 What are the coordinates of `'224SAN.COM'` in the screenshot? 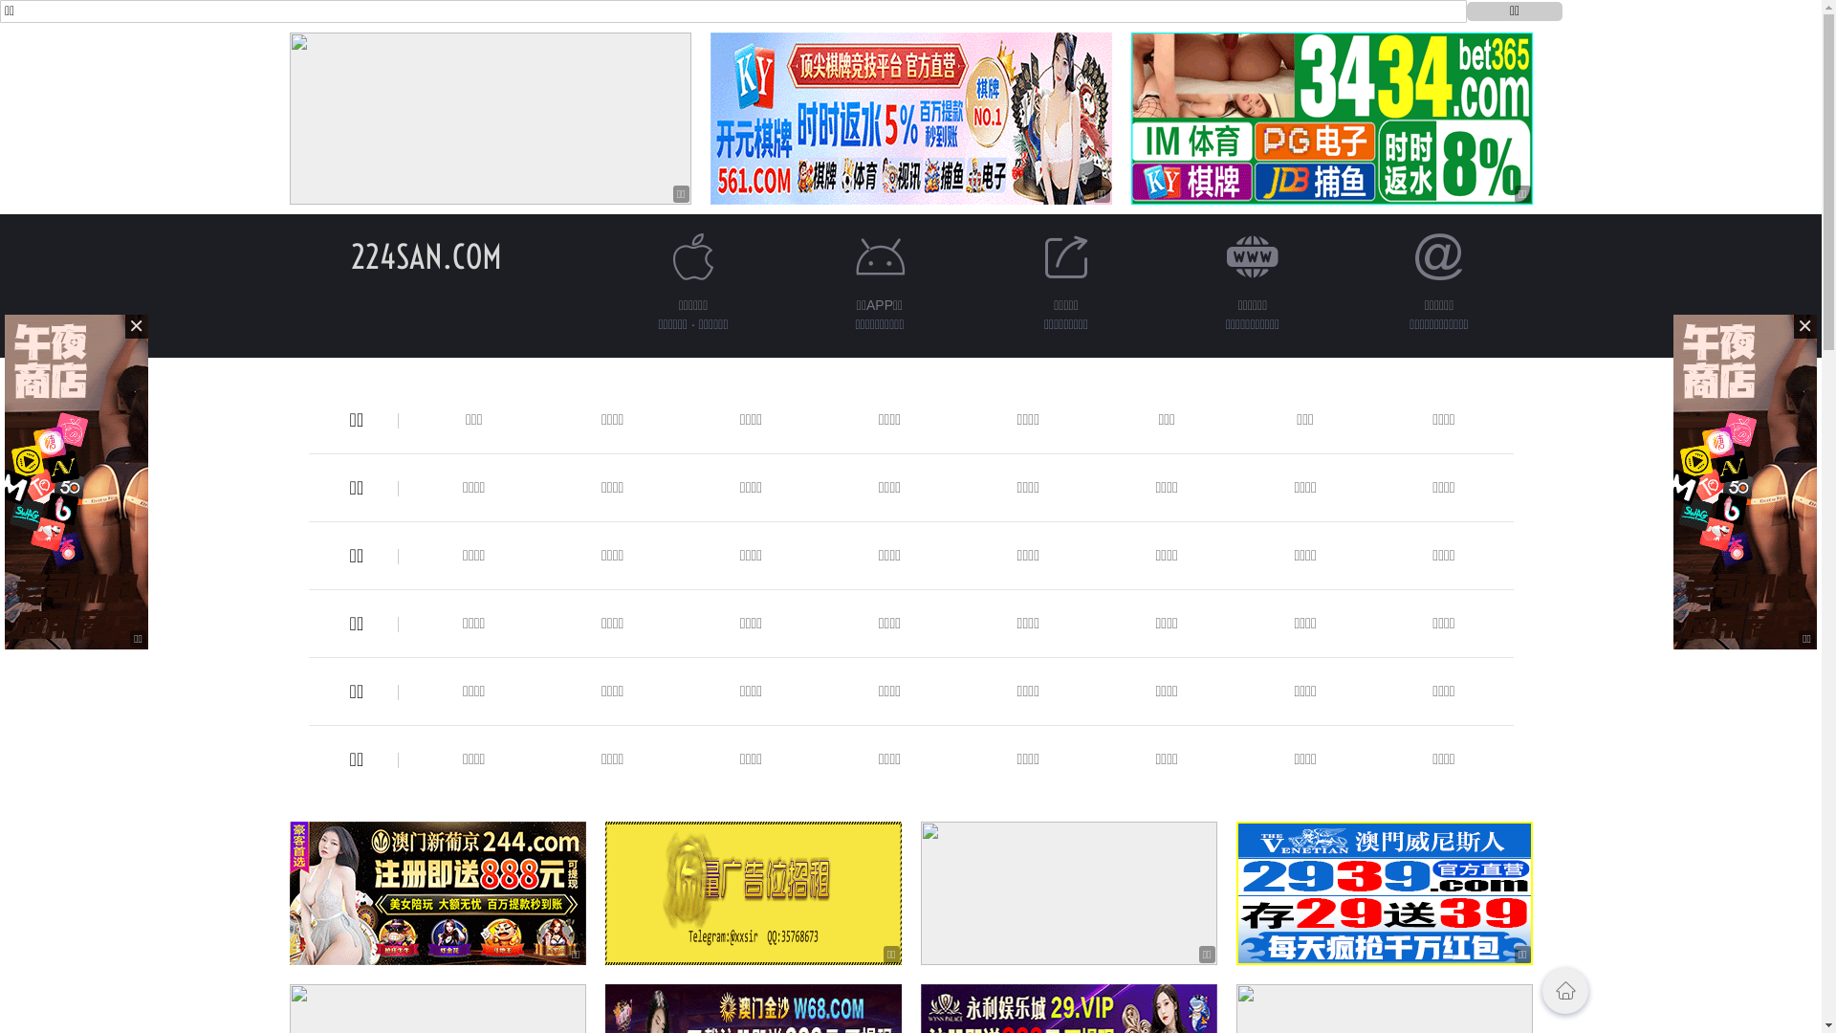 It's located at (425, 255).